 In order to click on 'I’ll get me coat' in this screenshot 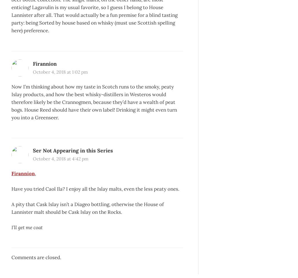, I will do `click(27, 227)`.